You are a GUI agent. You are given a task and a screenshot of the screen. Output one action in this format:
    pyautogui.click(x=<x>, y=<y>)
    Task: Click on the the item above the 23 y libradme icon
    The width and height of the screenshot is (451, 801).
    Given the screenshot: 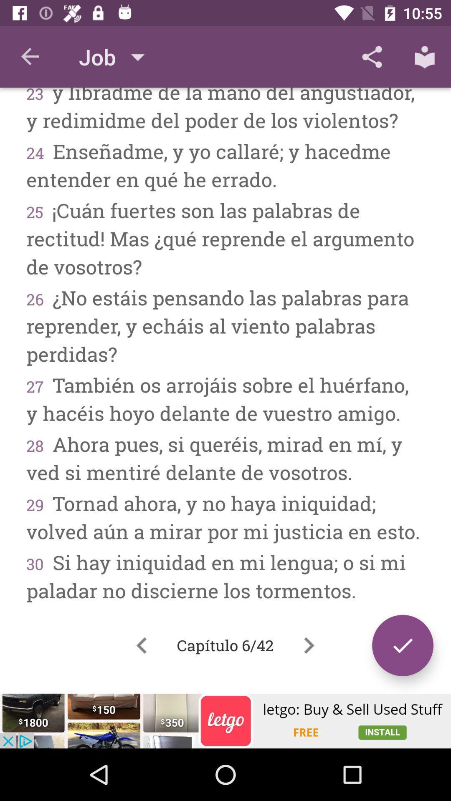 What is the action you would take?
    pyautogui.click(x=30, y=56)
    